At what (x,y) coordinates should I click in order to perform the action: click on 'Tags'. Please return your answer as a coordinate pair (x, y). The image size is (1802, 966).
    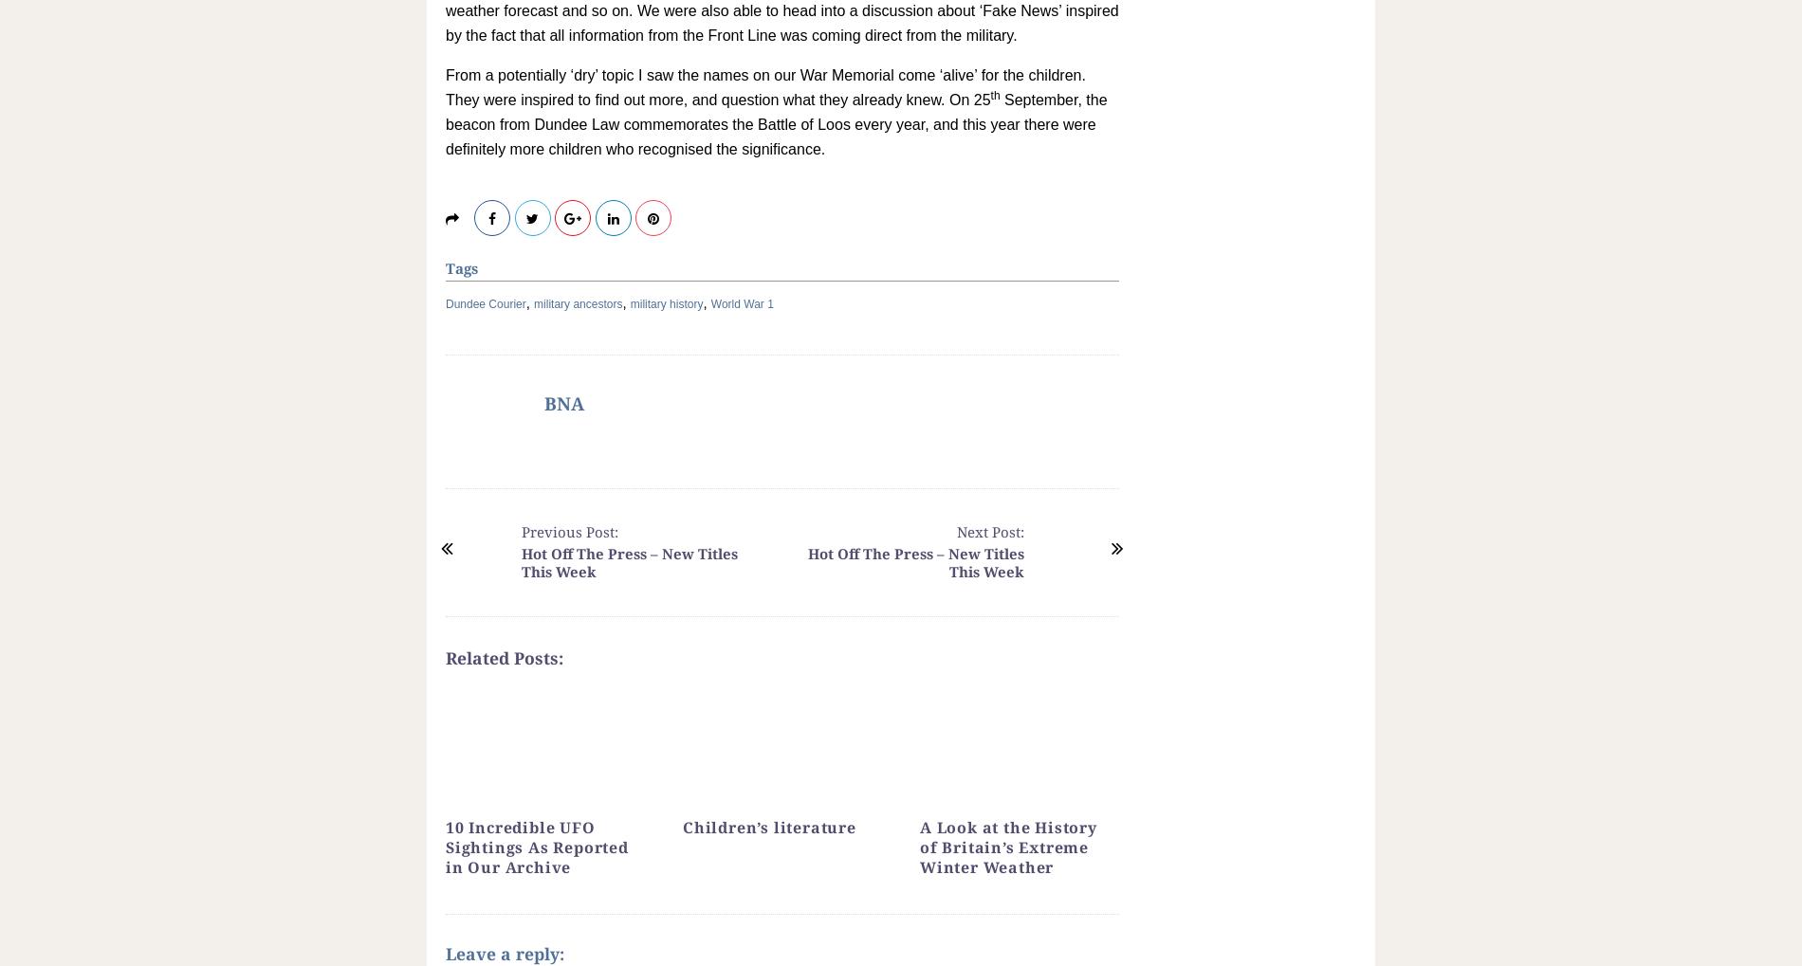
    Looking at the image, I should click on (461, 266).